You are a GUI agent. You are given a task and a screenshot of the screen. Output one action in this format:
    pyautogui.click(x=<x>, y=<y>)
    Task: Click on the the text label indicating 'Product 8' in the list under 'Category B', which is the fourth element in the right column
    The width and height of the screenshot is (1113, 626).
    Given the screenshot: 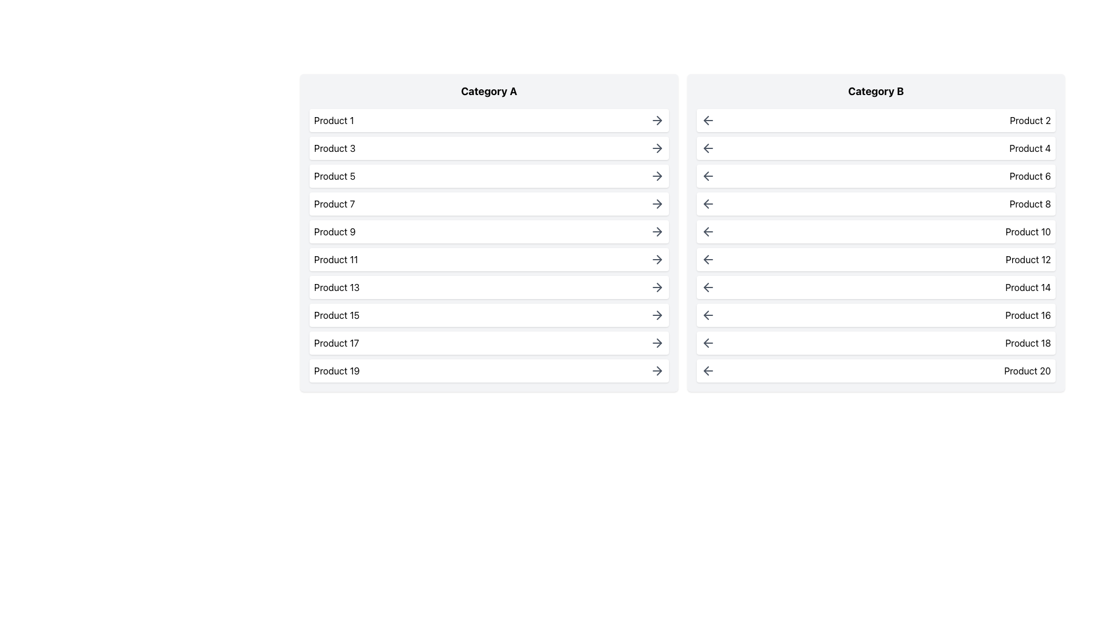 What is the action you would take?
    pyautogui.click(x=1030, y=203)
    